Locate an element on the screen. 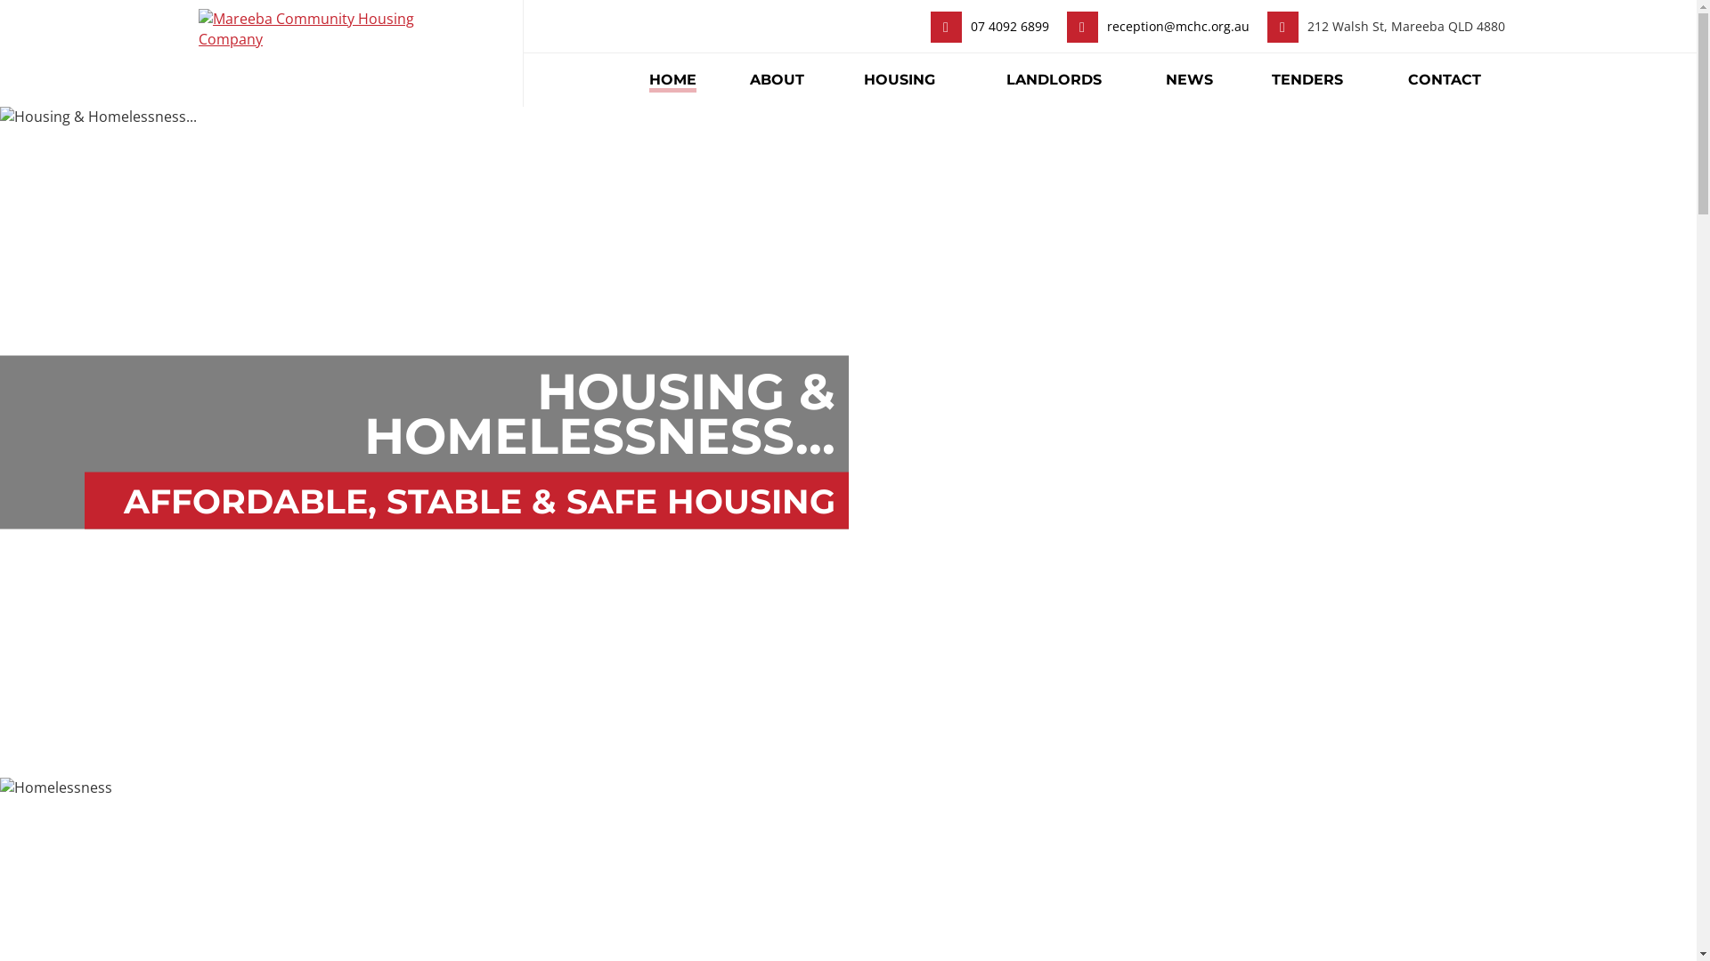 Image resolution: width=1710 pixels, height=961 pixels. 'reception@mchc.org.au' is located at coordinates (1177, 26).